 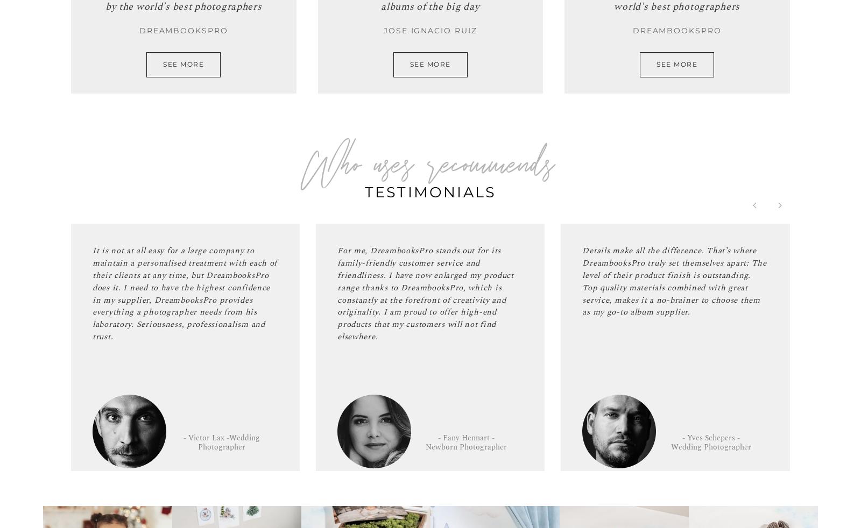 What do you see at coordinates (465, 443) in the screenshot?
I see `'- Fany Hennart -Newborn Photographer'` at bounding box center [465, 443].